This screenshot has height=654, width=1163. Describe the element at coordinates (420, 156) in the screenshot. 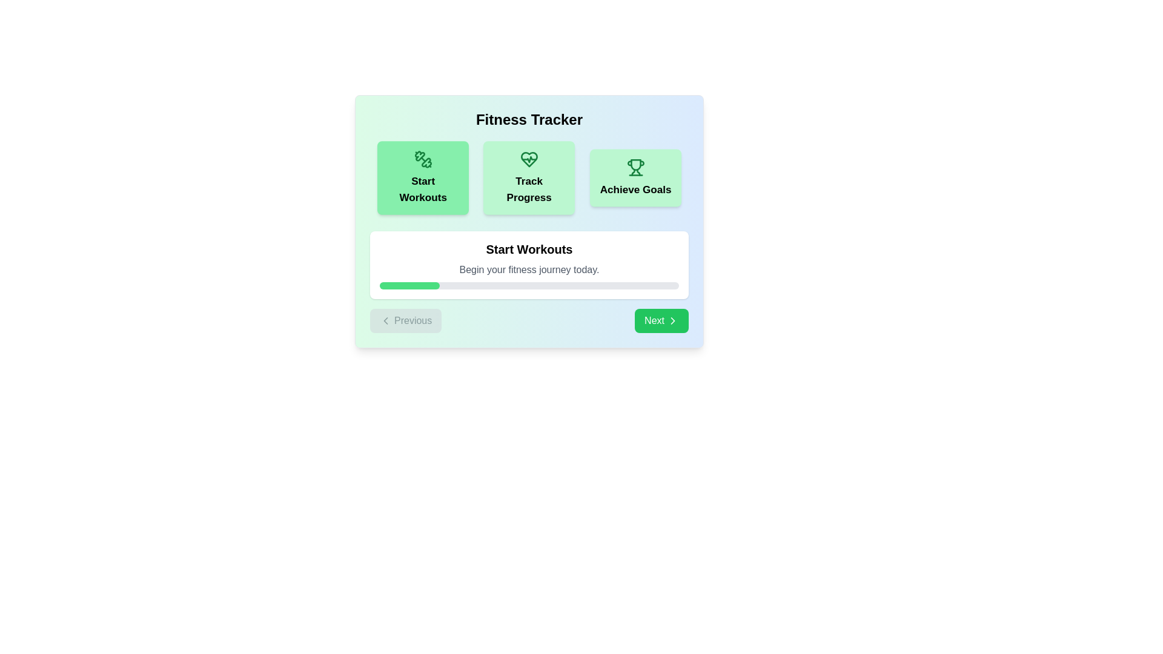

I see `the decorative icon graphical fragment above the 'Start Workouts' button, enhancing the visual appeal of the feature` at that location.